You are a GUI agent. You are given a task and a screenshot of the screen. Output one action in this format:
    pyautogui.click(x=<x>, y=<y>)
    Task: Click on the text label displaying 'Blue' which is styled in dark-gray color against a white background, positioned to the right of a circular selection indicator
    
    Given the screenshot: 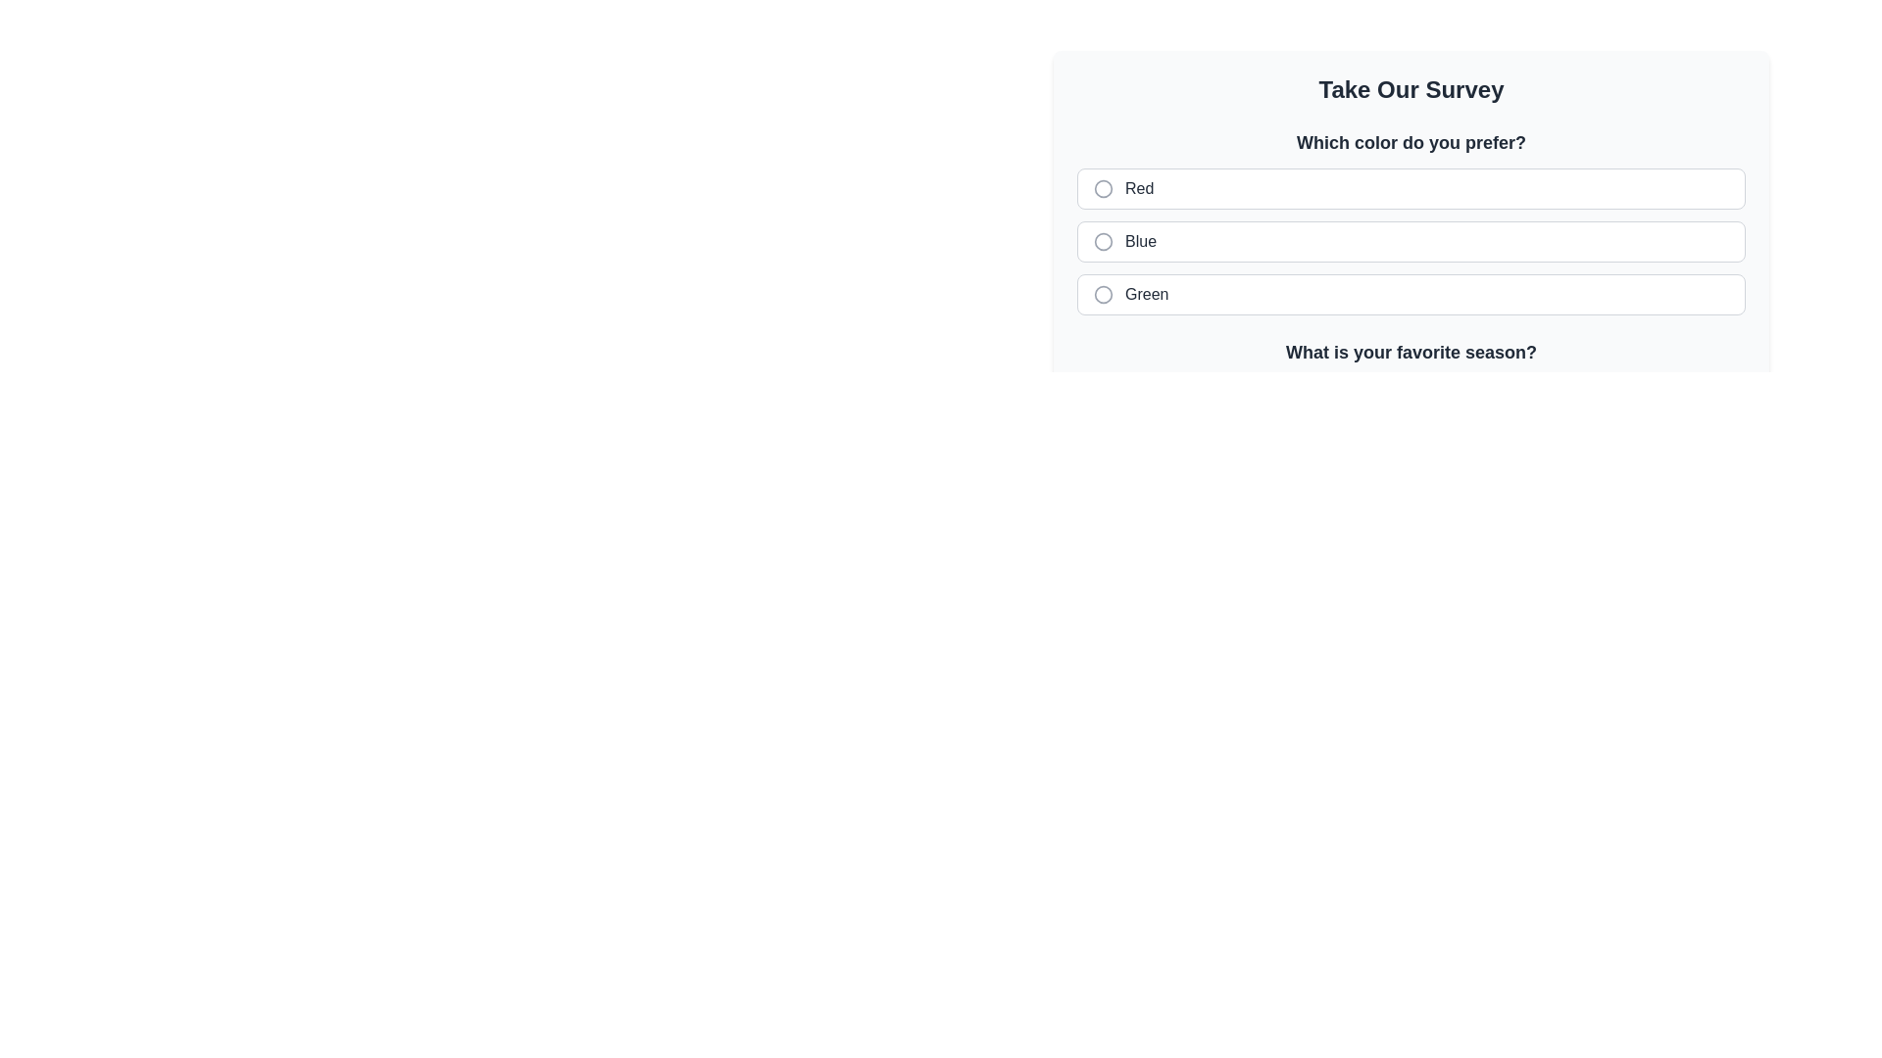 What is the action you would take?
    pyautogui.click(x=1141, y=240)
    